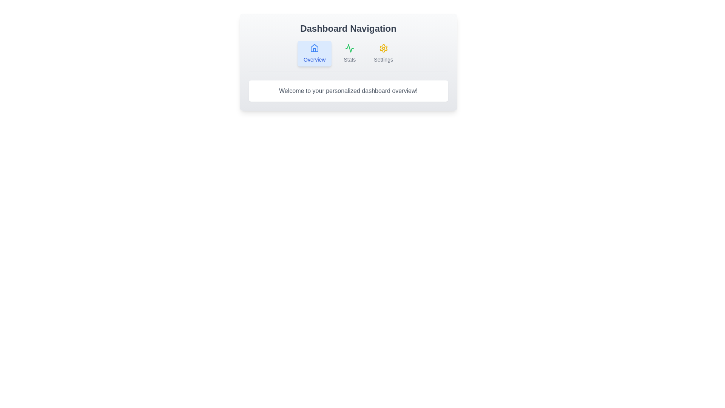 The width and height of the screenshot is (725, 408). I want to click on the Stats tab in the TabbedDashboard, so click(349, 53).